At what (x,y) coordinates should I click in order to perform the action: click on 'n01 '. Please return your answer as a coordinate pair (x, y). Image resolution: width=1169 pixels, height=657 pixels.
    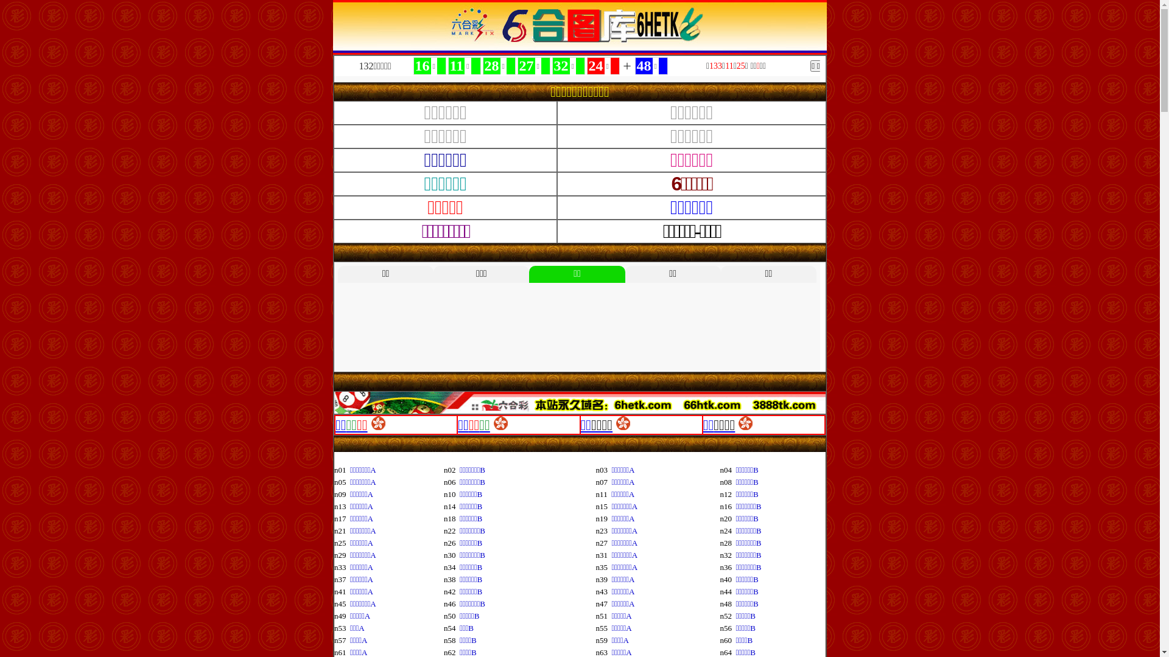
    Looking at the image, I should click on (334, 469).